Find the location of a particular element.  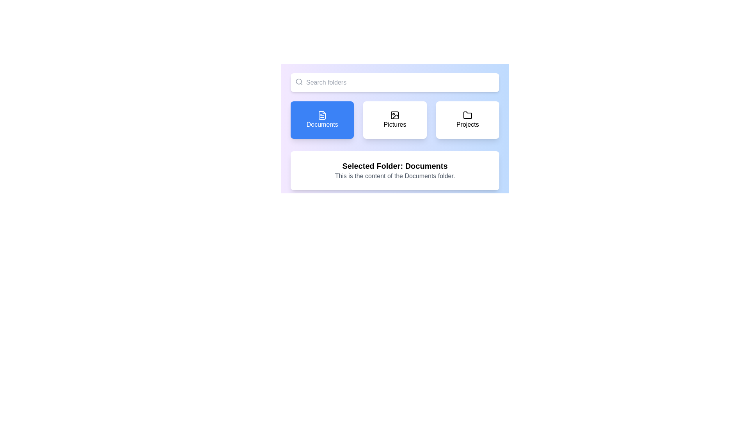

the button labeled 'Projects' with a folder icon to trigger a ring effect is located at coordinates (467, 120).